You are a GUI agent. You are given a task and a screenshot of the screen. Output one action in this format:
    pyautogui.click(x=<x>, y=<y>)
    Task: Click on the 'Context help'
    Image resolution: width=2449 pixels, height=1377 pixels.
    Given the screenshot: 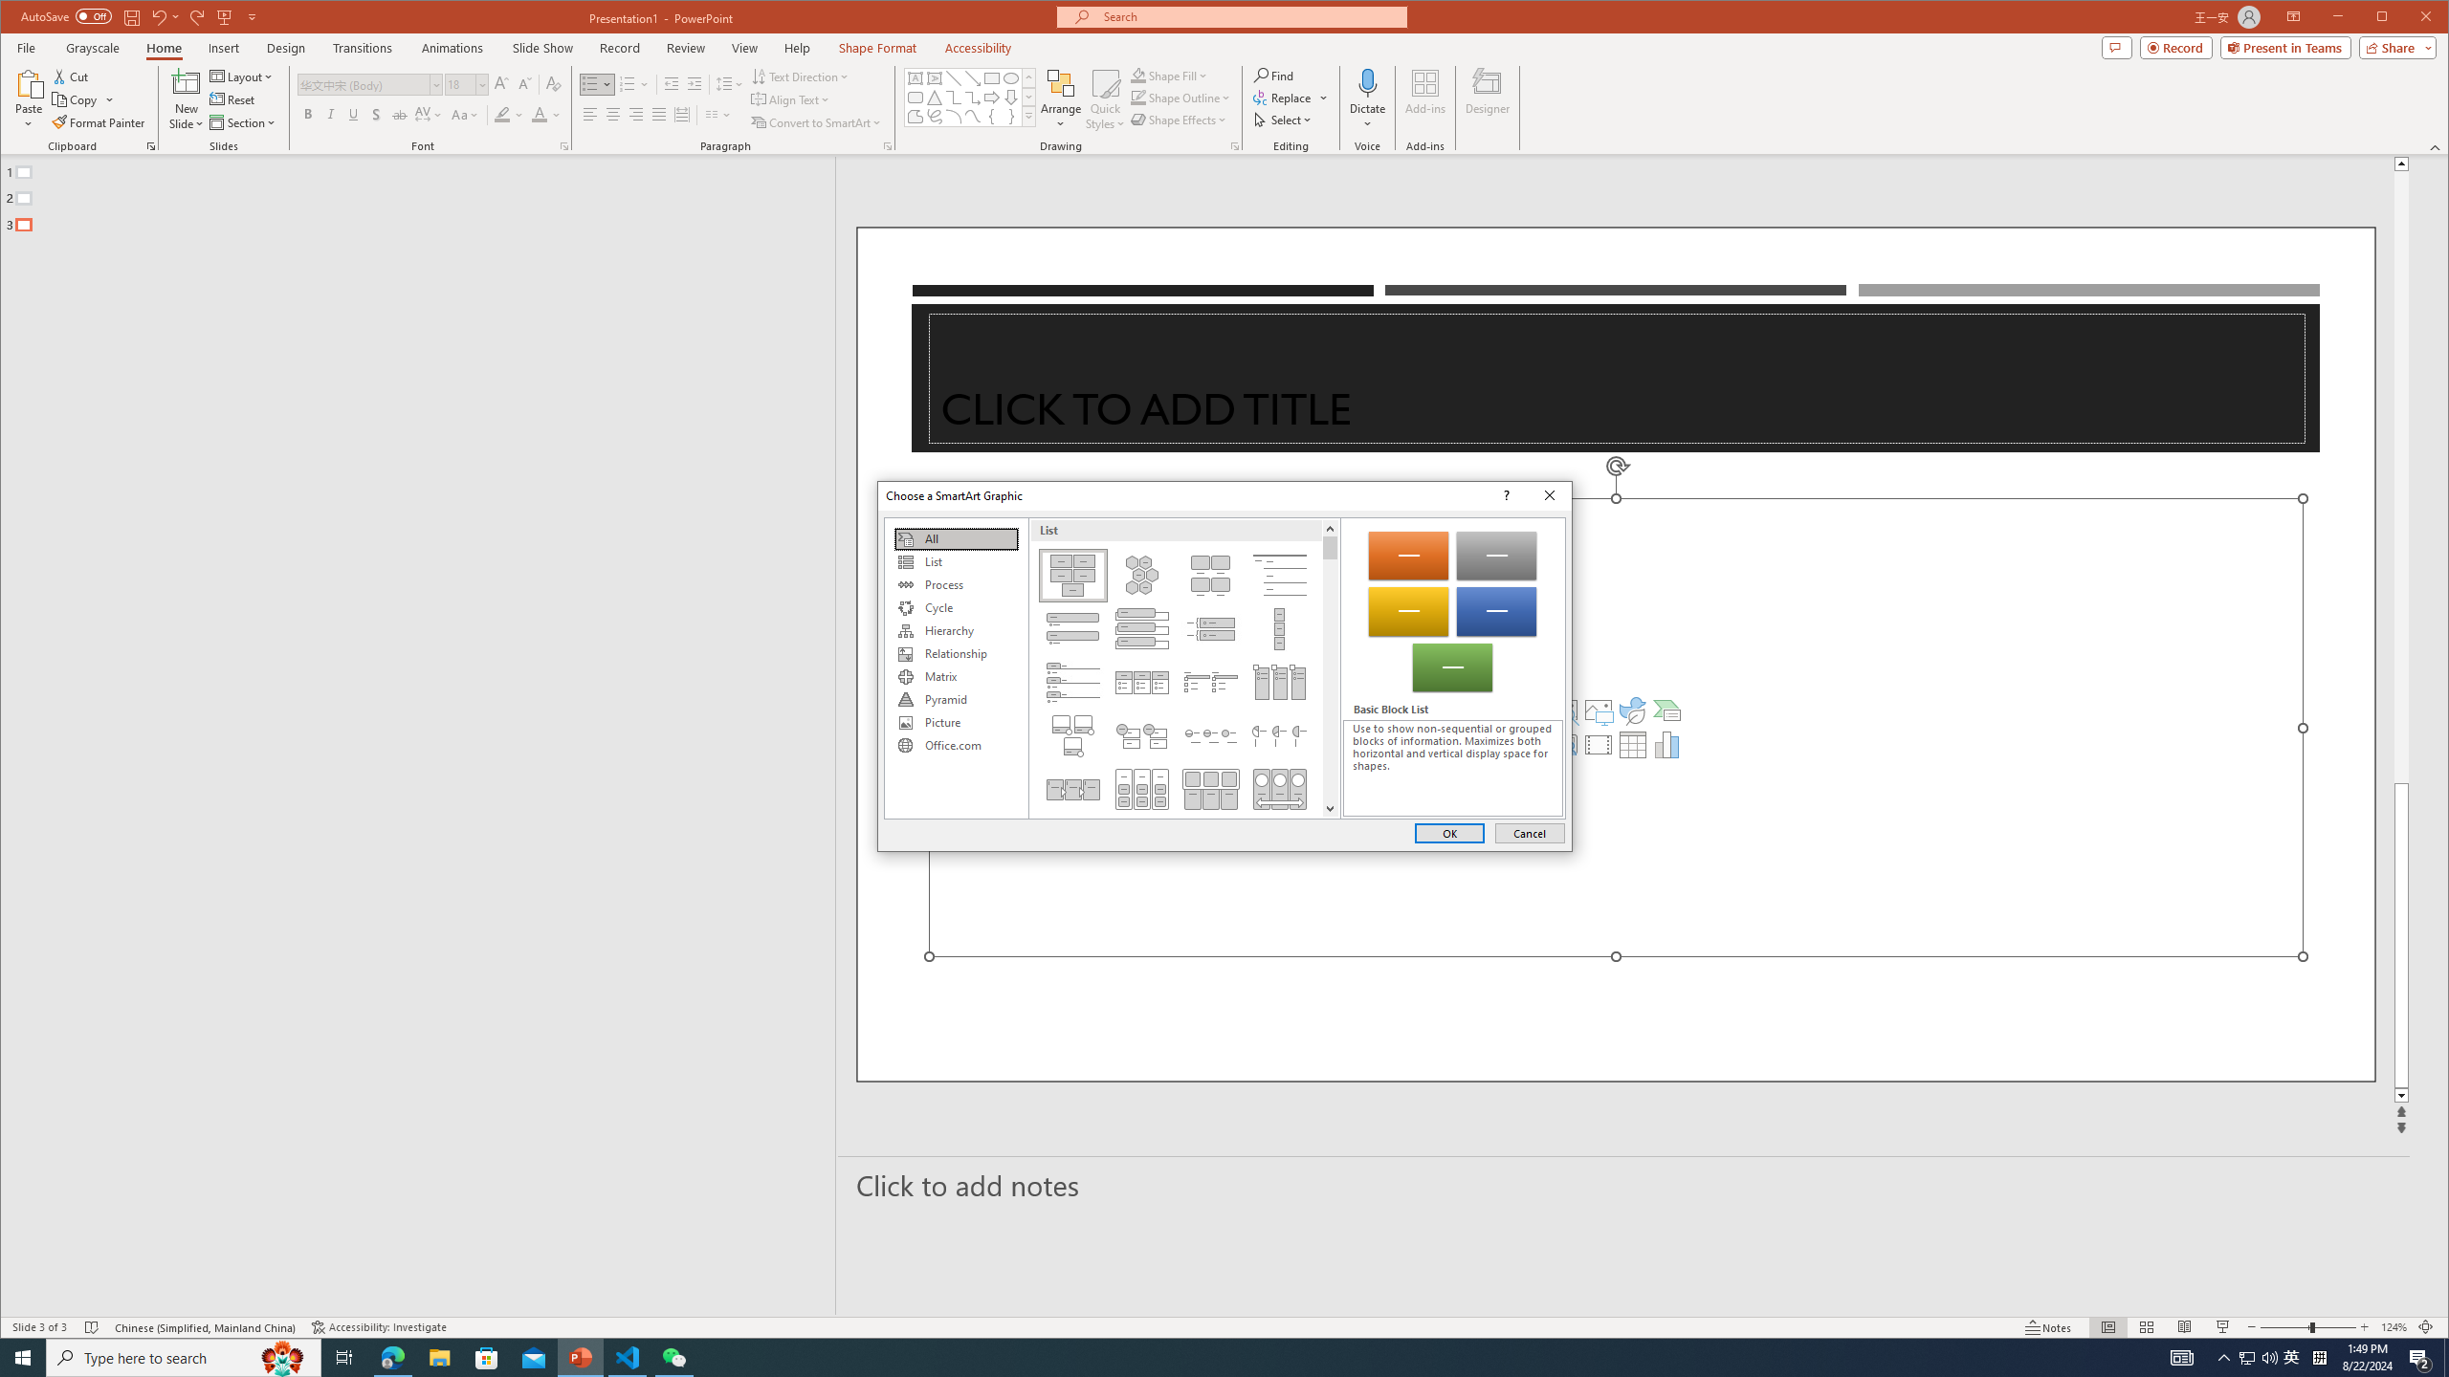 What is the action you would take?
    pyautogui.click(x=1505, y=495)
    